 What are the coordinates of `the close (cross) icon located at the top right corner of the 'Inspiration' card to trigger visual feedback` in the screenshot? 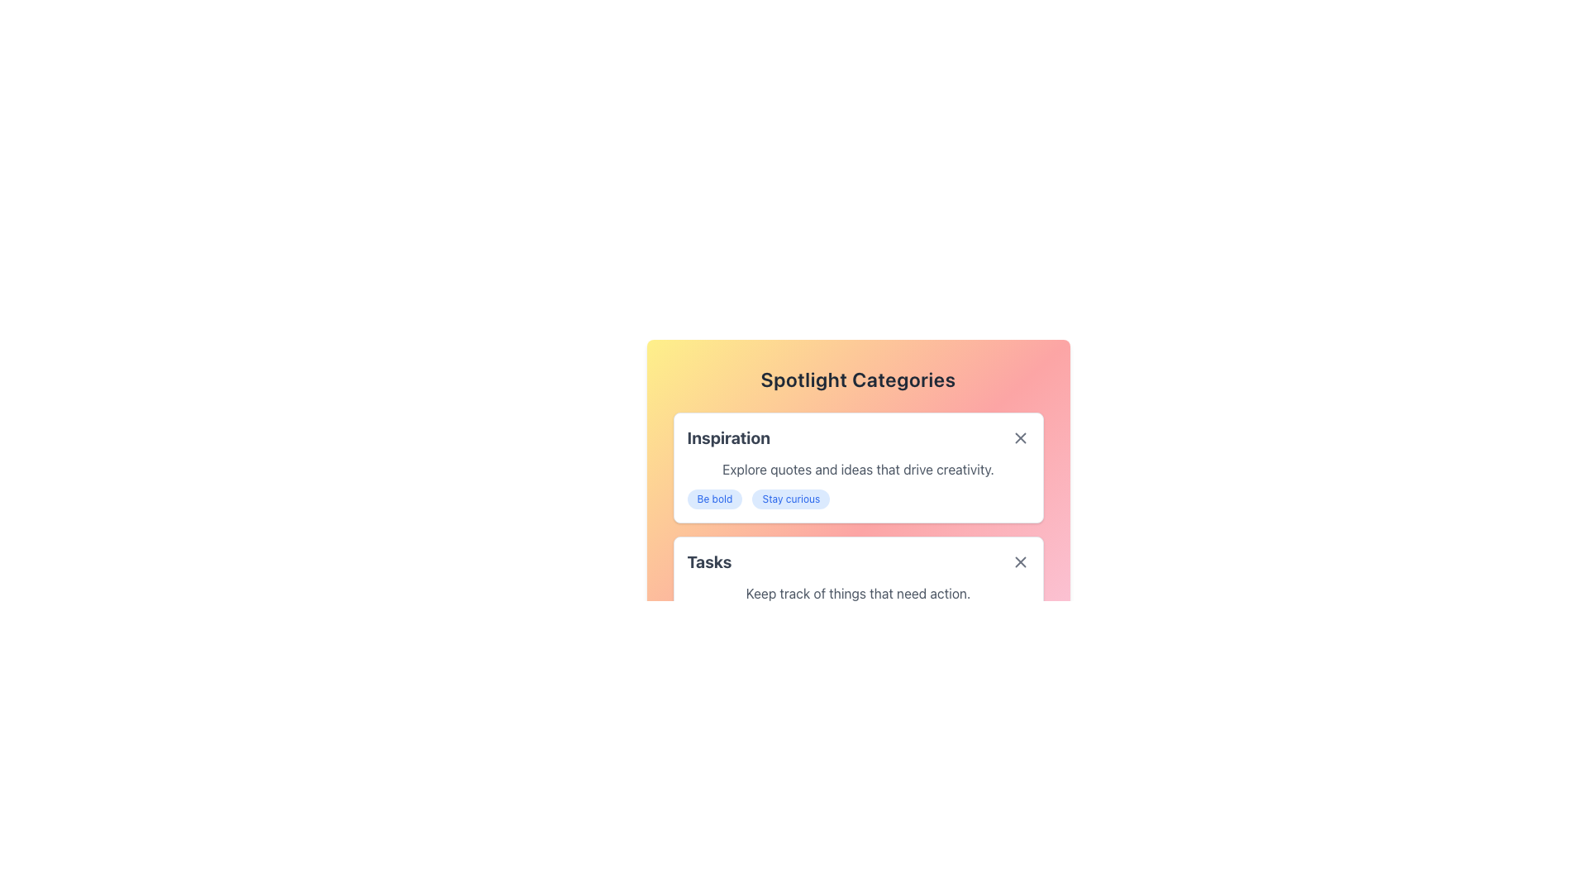 It's located at (1019, 437).